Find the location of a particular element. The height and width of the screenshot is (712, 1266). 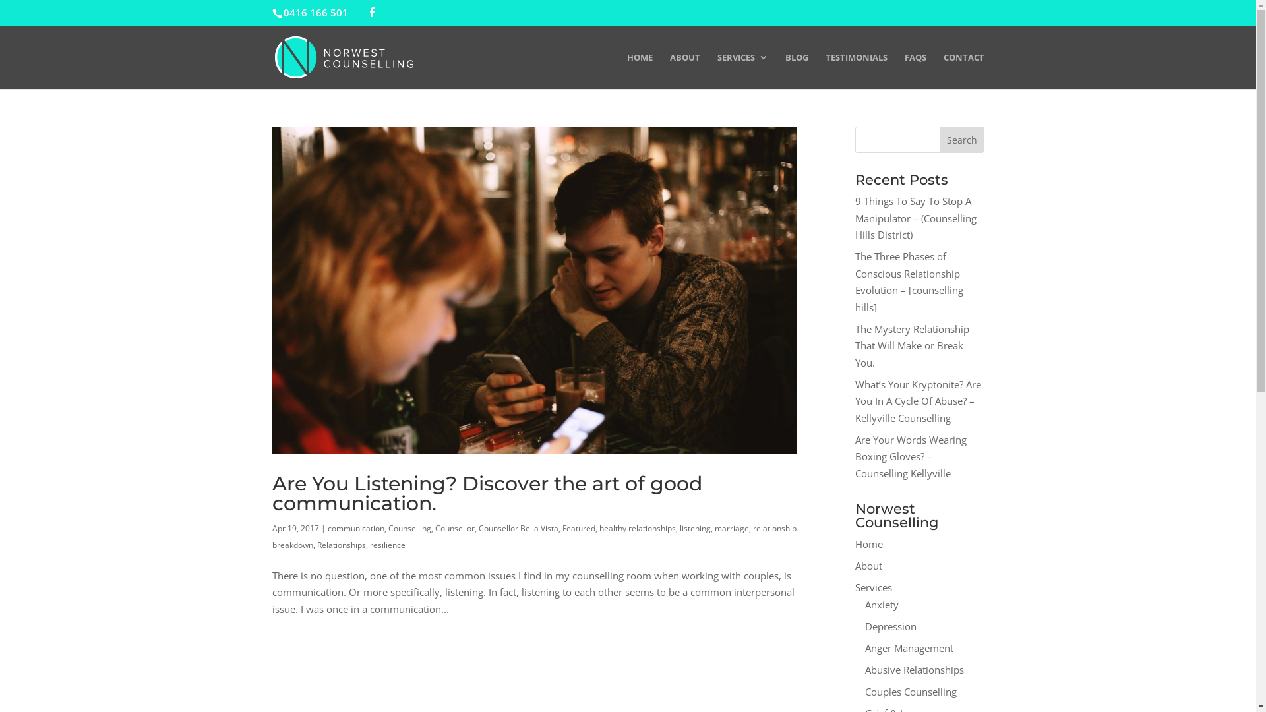

'Services' is located at coordinates (873, 587).